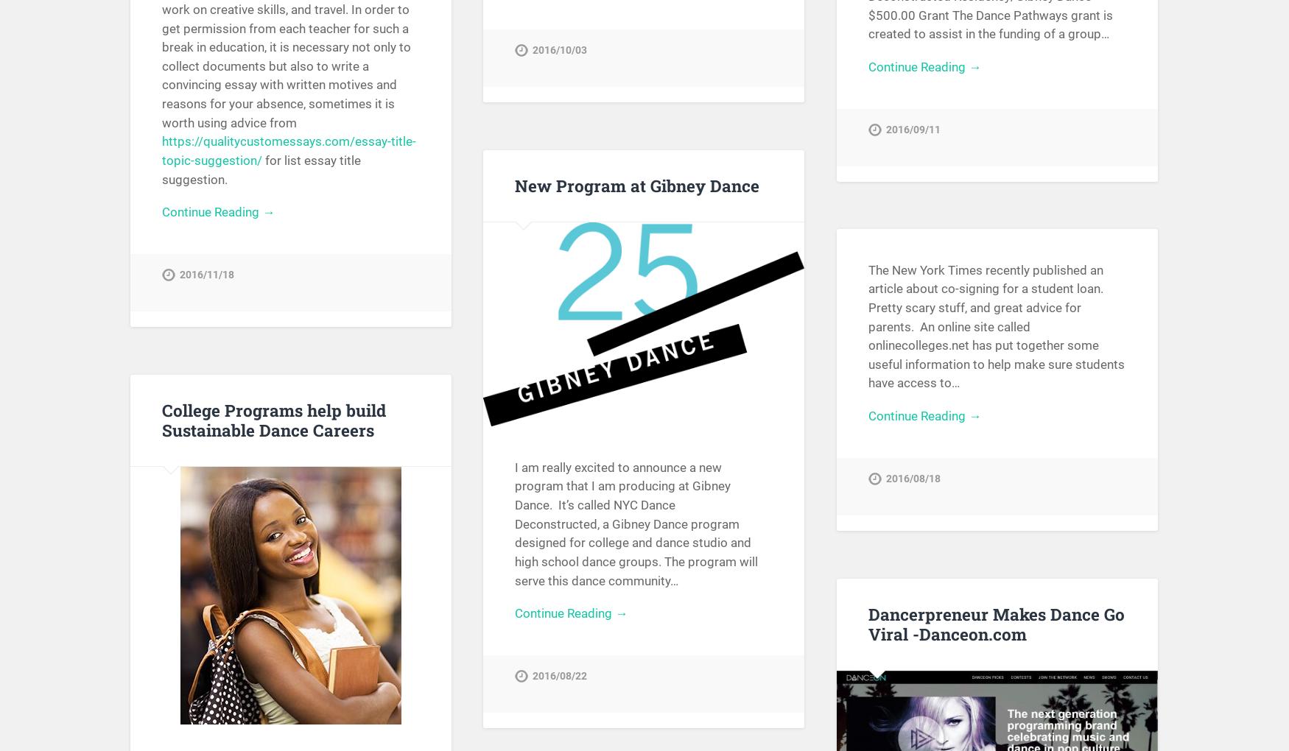 This screenshot has height=751, width=1289. Describe the element at coordinates (996, 623) in the screenshot. I see `'Dancerpreneur Makes Dance Go Viral -Danceon.com'` at that location.